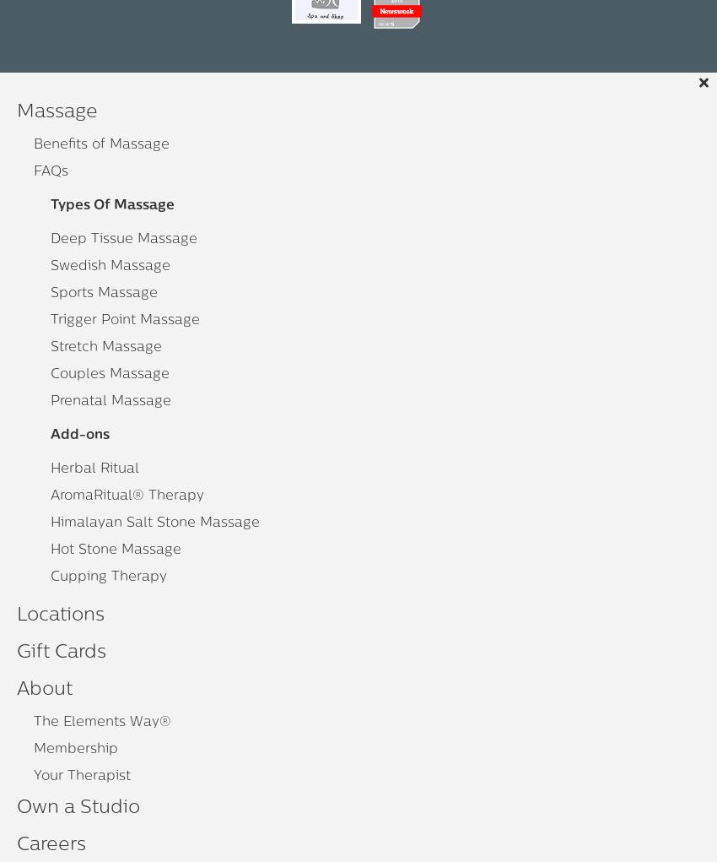 The width and height of the screenshot is (717, 862). Describe the element at coordinates (51, 845) in the screenshot. I see `'Careers'` at that location.